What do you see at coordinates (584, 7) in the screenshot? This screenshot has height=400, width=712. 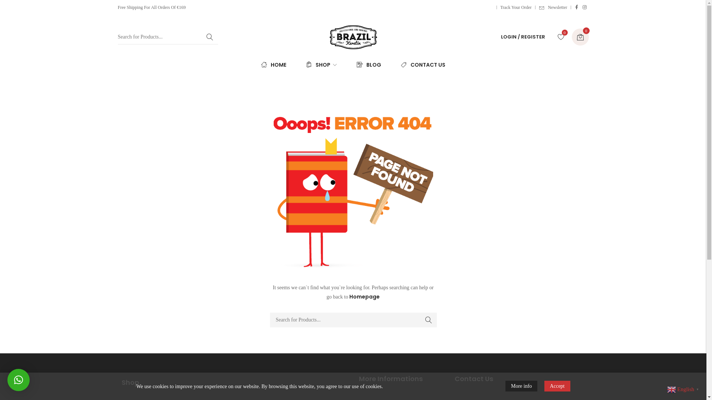 I see `'Instagram'` at bounding box center [584, 7].